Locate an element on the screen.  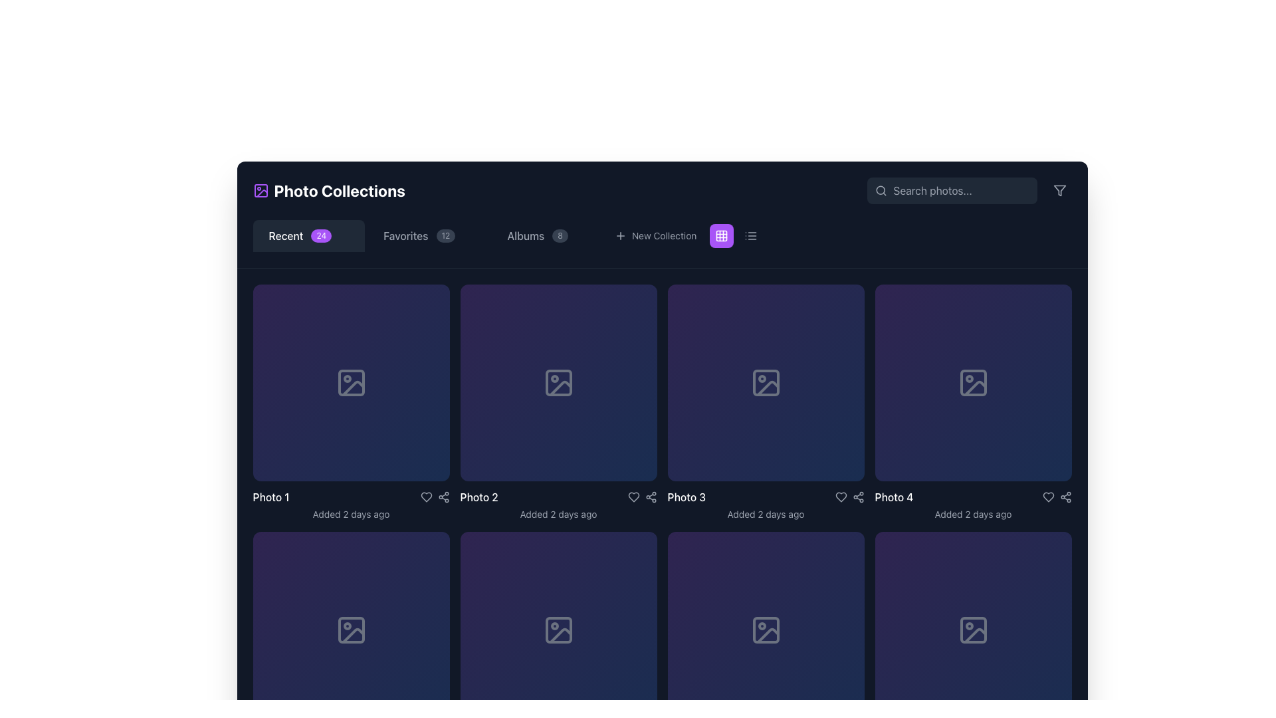
the rounded rectangular icon representing a grid layout in the navigation bar, located between the 'New Collection' button and the list-view toggle icon is located at coordinates (721, 235).